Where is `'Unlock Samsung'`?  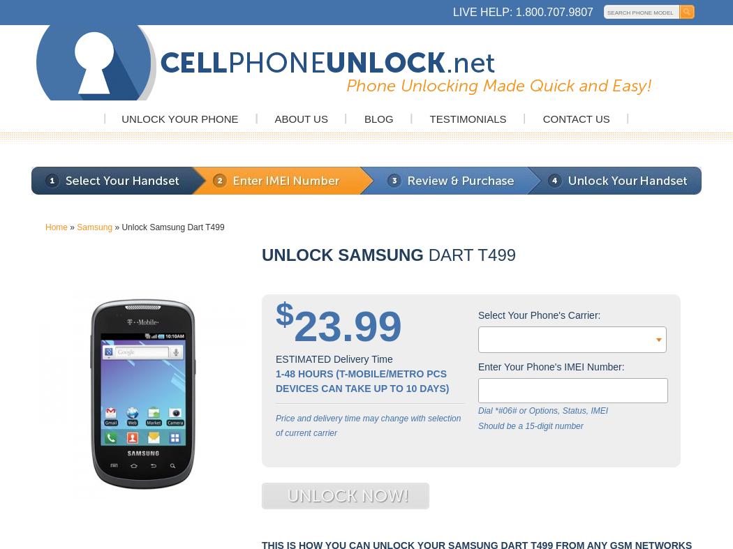 'Unlock Samsung' is located at coordinates (260, 253).